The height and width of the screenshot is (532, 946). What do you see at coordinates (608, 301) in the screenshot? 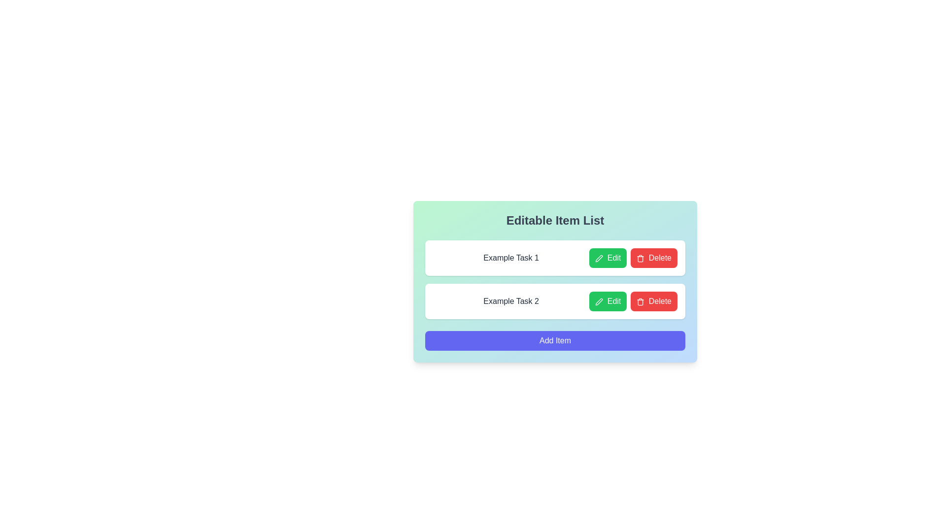
I see `the green 'Edit' button with white text and a pen icon located in the second row of the item list, next to 'Example Task 2'` at bounding box center [608, 301].